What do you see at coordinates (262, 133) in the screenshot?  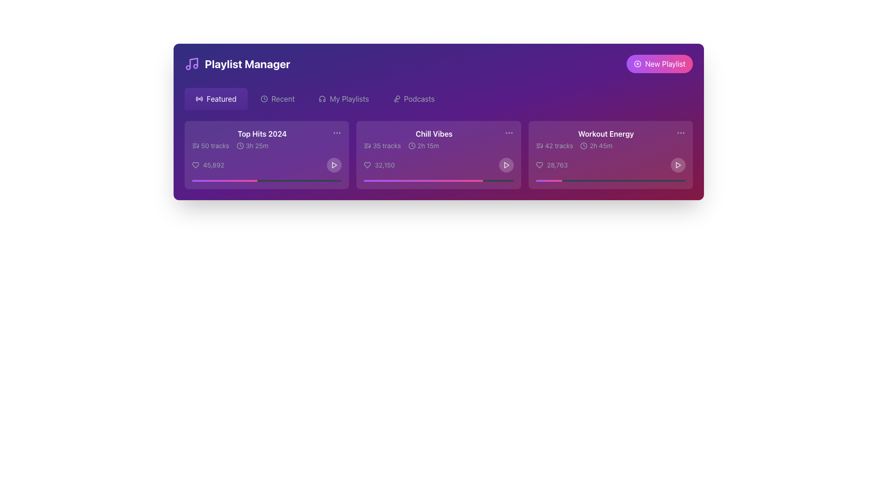 I see `the bold, white text label that reads 'Top Hits 2024', located at the top of the first playlist card` at bounding box center [262, 133].